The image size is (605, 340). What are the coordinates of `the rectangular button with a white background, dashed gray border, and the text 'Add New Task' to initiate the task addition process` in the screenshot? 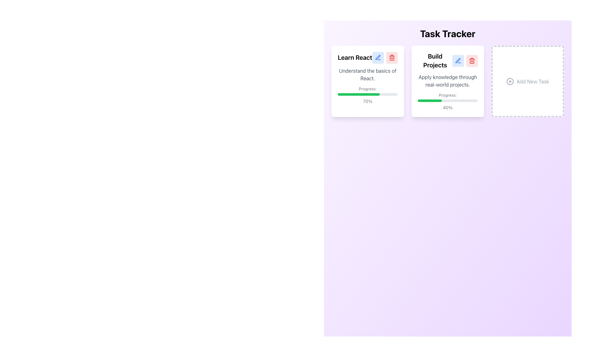 It's located at (528, 81).